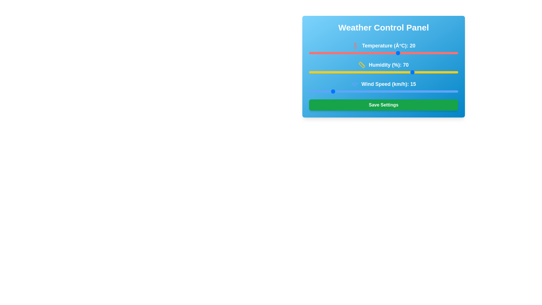 The image size is (542, 305). I want to click on wind speed, so click(382, 91).